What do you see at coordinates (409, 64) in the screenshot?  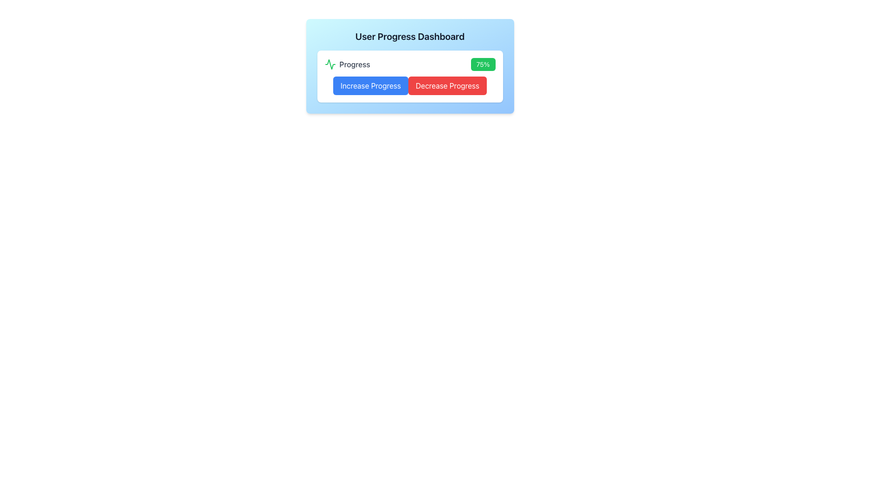 I see `the composite informational element displaying the current progress status, located above the 'Increase Progress' and 'Decrease Progress' buttons` at bounding box center [409, 64].